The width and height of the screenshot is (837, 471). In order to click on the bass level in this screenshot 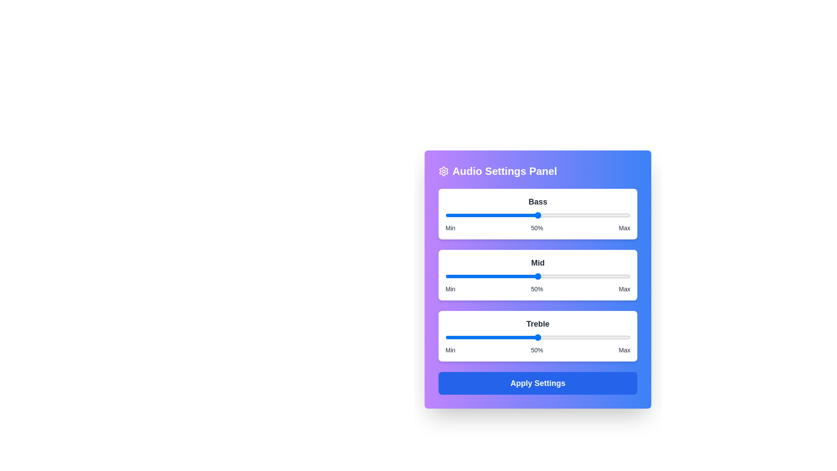, I will do `click(523, 215)`.